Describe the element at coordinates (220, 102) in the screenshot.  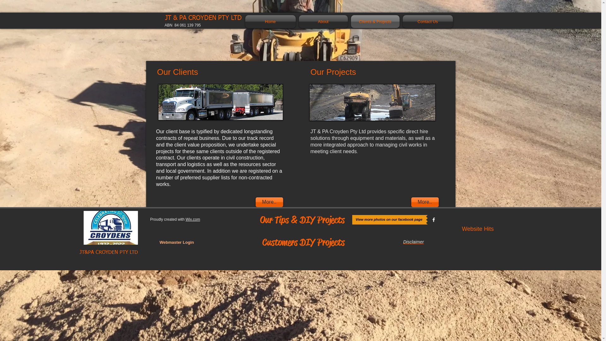
I see `'M36A.JPG'` at that location.